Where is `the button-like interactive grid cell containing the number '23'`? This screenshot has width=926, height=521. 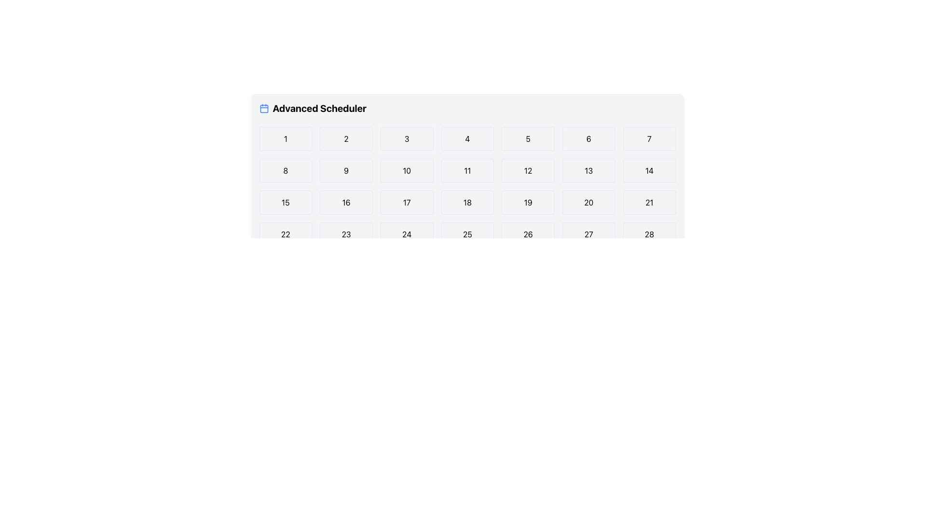
the button-like interactive grid cell containing the number '23' is located at coordinates (346, 234).